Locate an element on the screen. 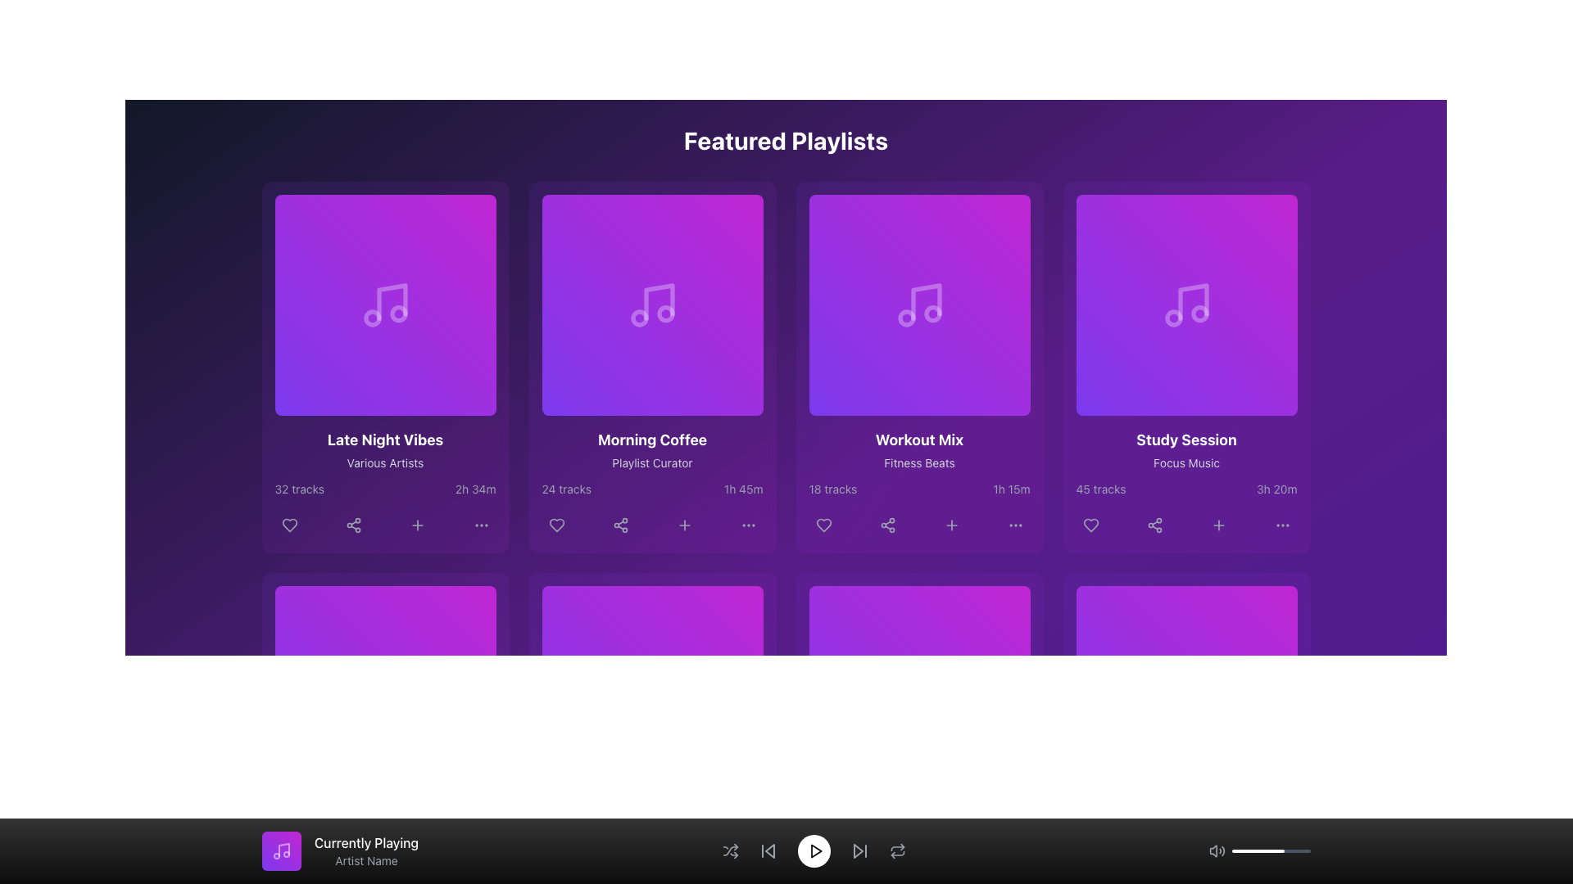 This screenshot has width=1573, height=884. the left-most circle of the musical note icon in the 'Late Night Vibes' card located in the top-left area of the grid list under 'Featured Playlists' is located at coordinates (371, 318).